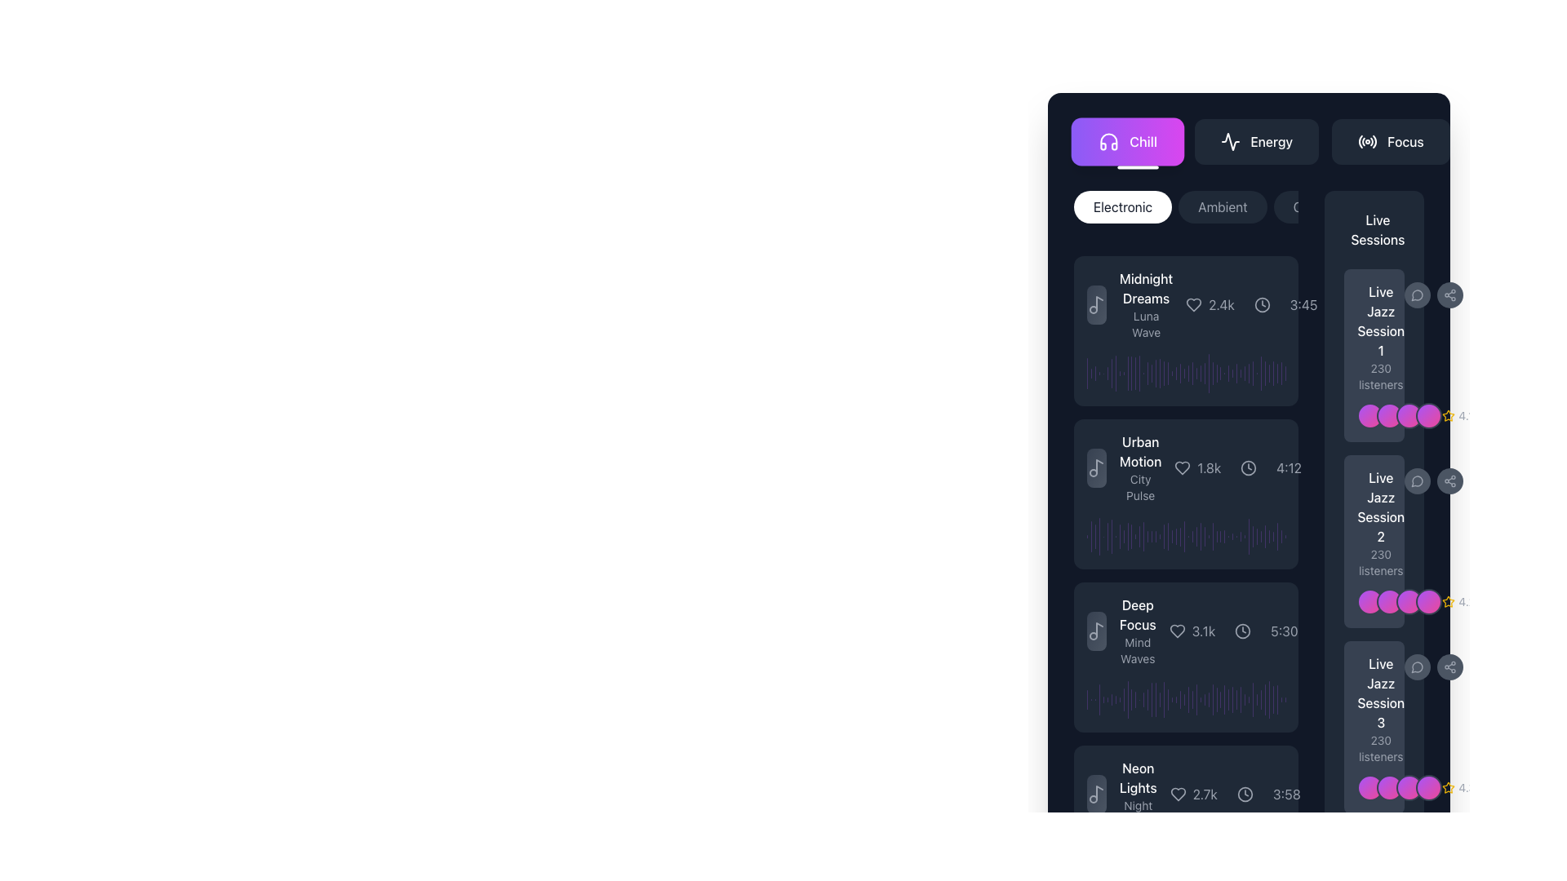  Describe the element at coordinates (1374, 601) in the screenshot. I see `the Avatar group component representing users associated with 'Live Jazz Session 2', located on the right side of the interface below the '4.2' star icon` at that location.